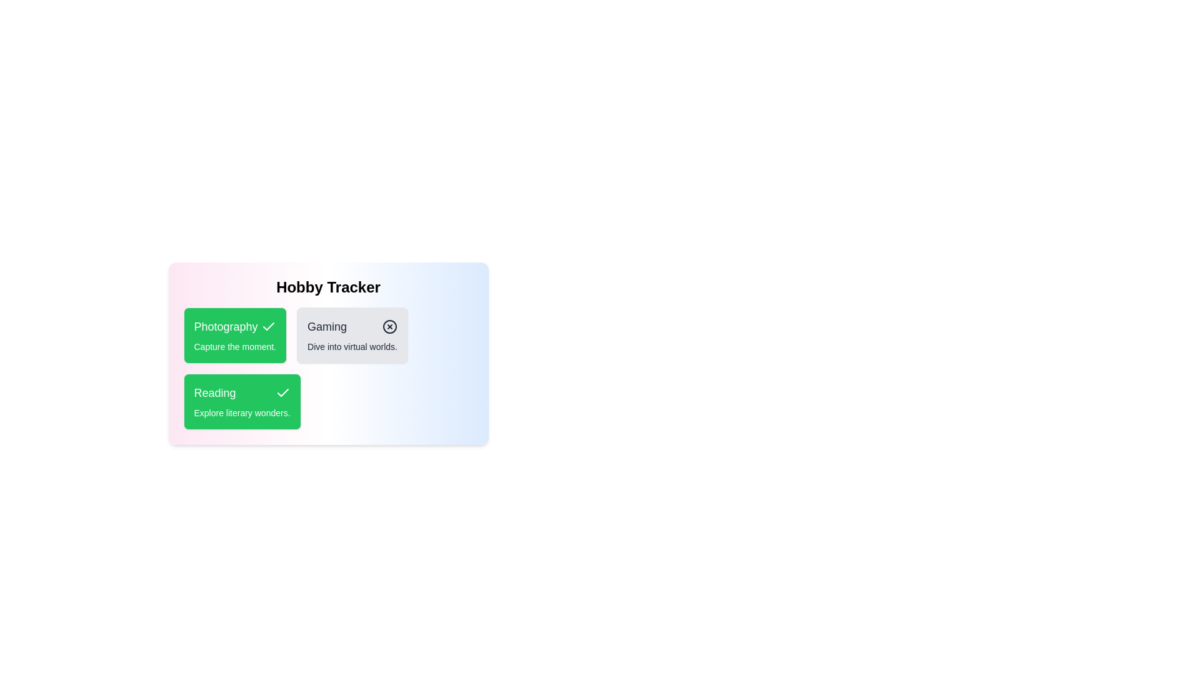 The image size is (1200, 675). Describe the element at coordinates (351, 334) in the screenshot. I see `the hobby card for Gaming` at that location.